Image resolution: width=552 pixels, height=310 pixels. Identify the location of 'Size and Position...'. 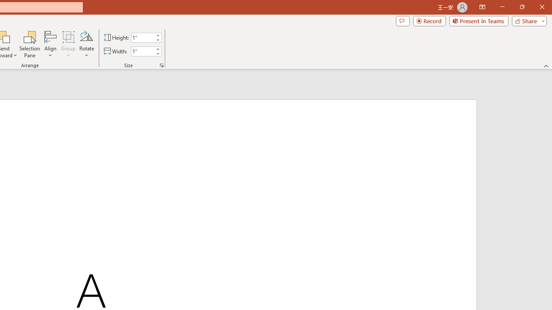
(162, 65).